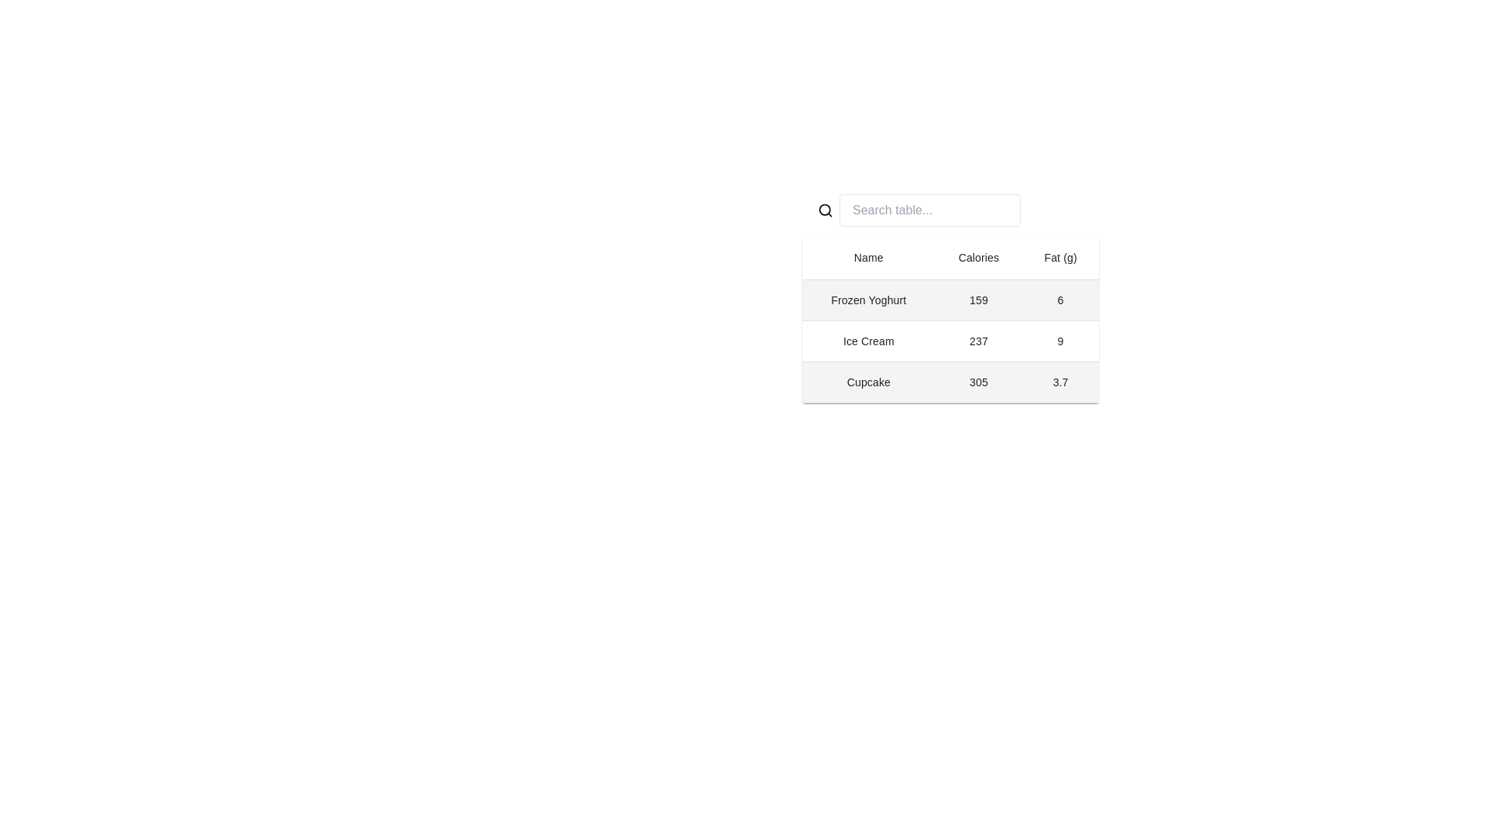 This screenshot has height=836, width=1487. What do you see at coordinates (868, 300) in the screenshot?
I see `the table cell containing the text 'Frozen Yoghurt', which is the first cell in the row of a table, to possibly reveal additional information` at bounding box center [868, 300].